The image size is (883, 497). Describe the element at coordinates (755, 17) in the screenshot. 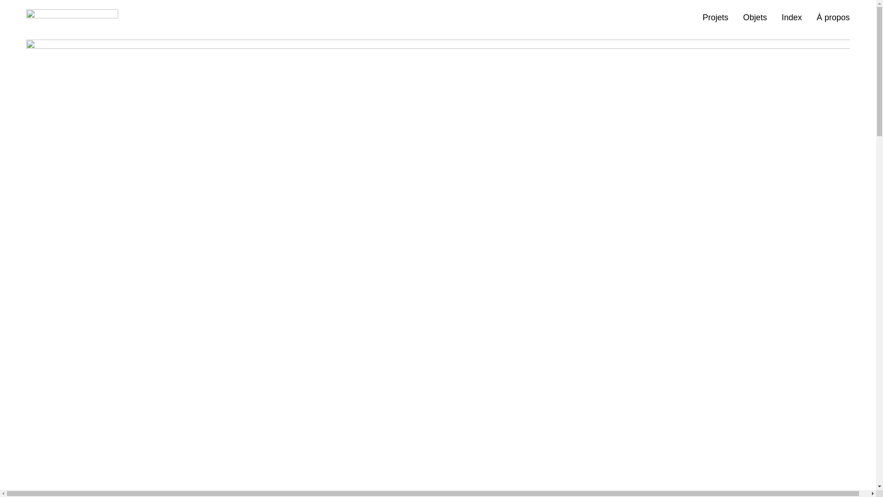

I see `'Objets'` at that location.